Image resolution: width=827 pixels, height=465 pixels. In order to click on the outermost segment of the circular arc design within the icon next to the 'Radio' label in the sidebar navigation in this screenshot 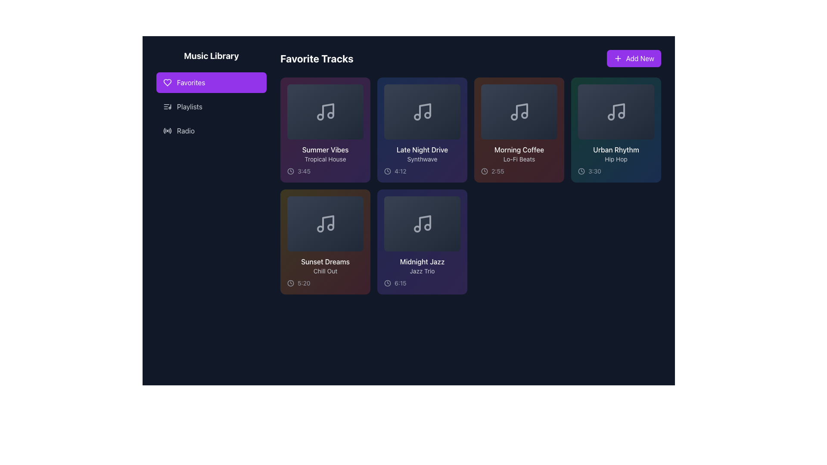, I will do `click(171, 130)`.